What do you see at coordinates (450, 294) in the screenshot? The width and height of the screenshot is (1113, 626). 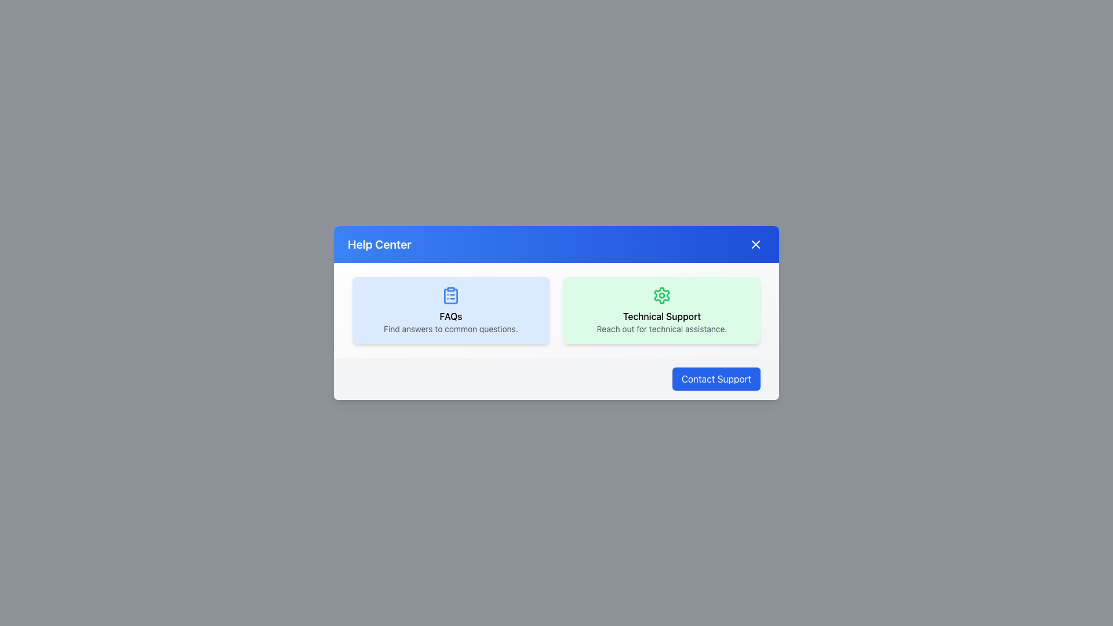 I see `the clipboard icon styled element located above the 'FAQs' text in the 'Help Center' interface` at bounding box center [450, 294].